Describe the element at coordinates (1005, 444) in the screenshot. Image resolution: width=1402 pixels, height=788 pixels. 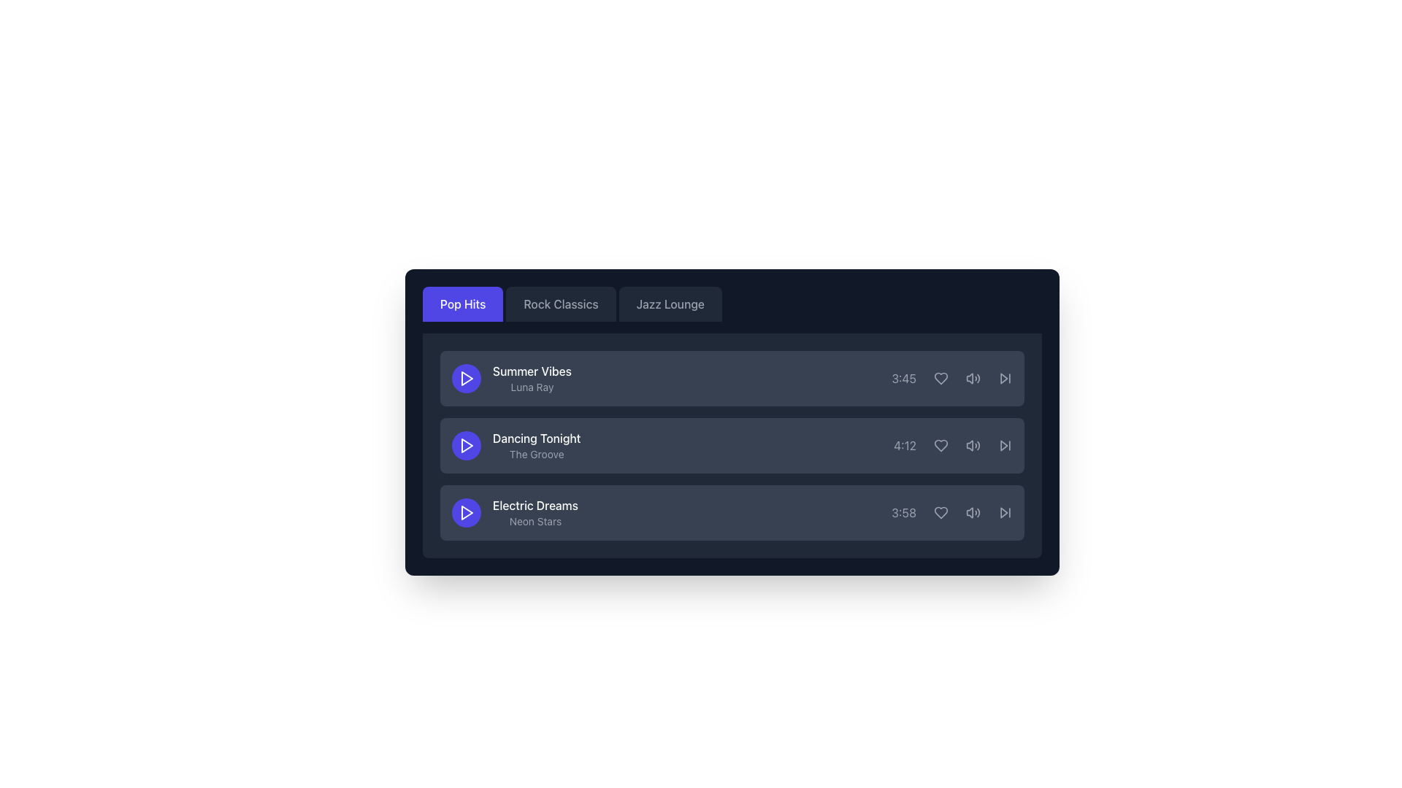
I see `the forward navigation icon, a double-chevron pointing to the right, located at the far right of the second song item ('Dancing Tonight') in the playlist` at that location.